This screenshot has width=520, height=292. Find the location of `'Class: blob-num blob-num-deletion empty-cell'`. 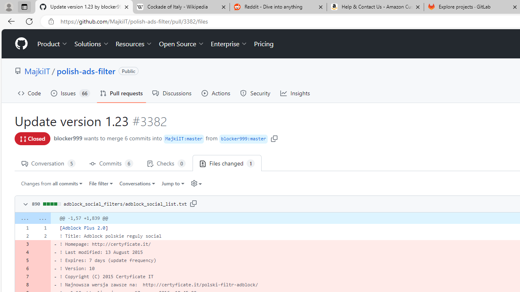

'Class: blob-num blob-num-deletion empty-cell' is located at coordinates (41, 284).